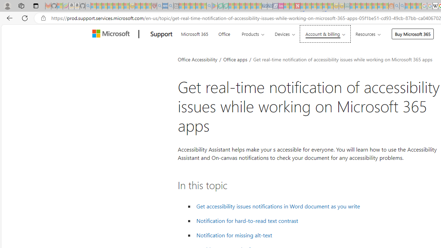  What do you see at coordinates (303, 6) in the screenshot?
I see `'Trusted Community Engagement and Contributions | Guidelines'` at bounding box center [303, 6].